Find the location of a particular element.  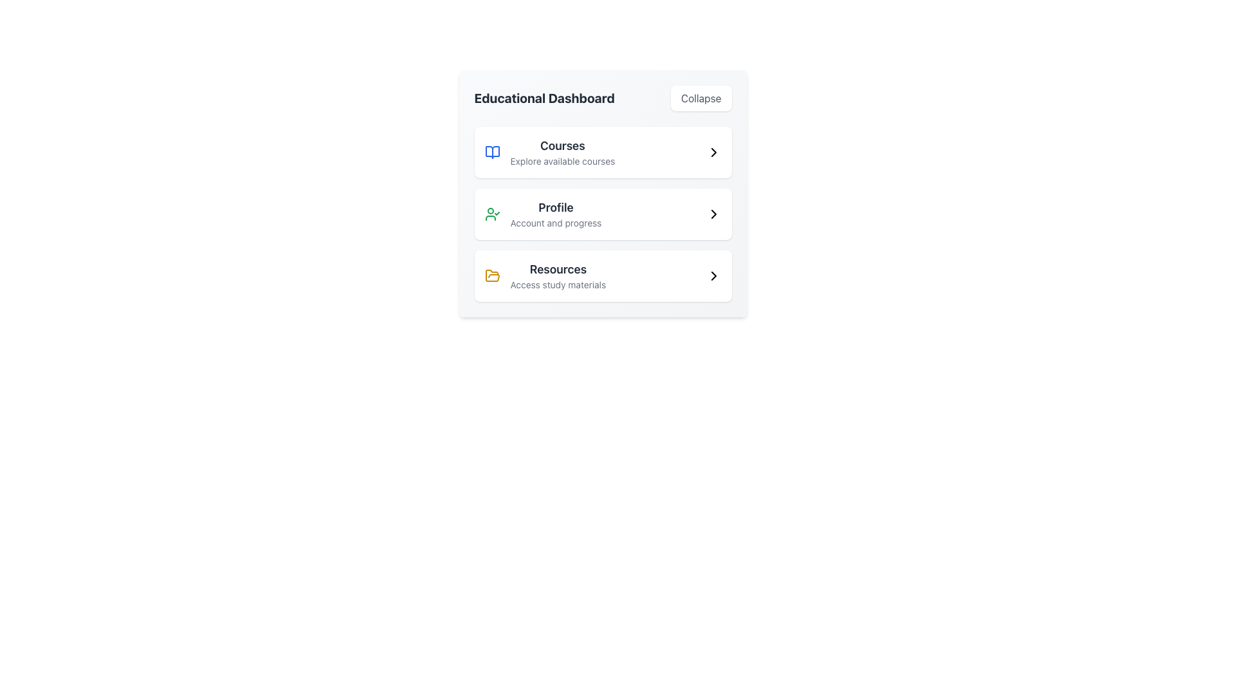

the 'Profile' list item, which provides access to the 'Profile' page with additional information about 'Account and progress' visible below its title is located at coordinates (543, 213).